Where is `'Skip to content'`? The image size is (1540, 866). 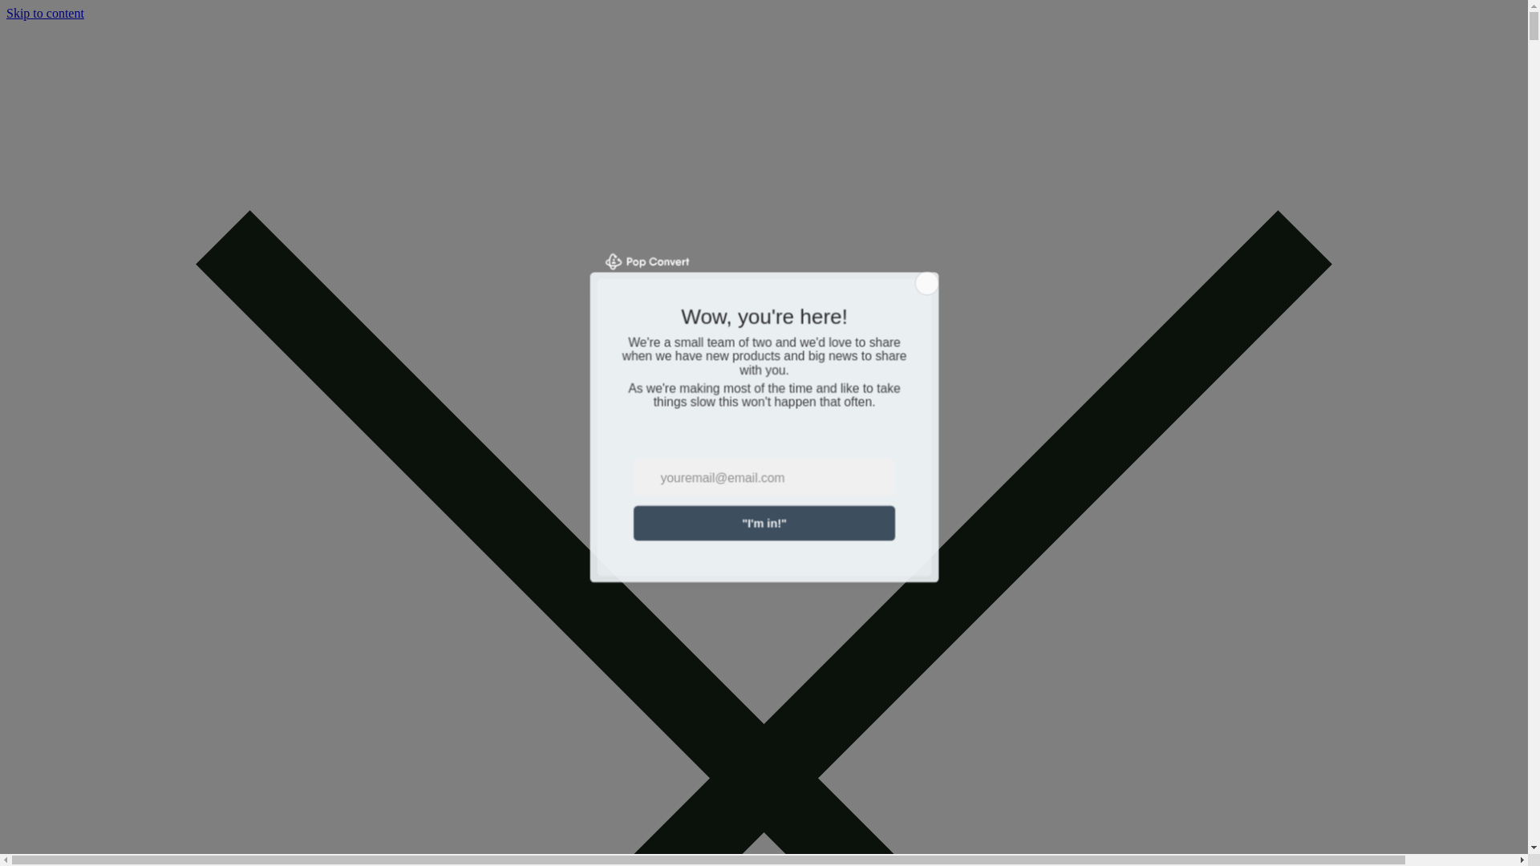
'Skip to content' is located at coordinates (45, 13).